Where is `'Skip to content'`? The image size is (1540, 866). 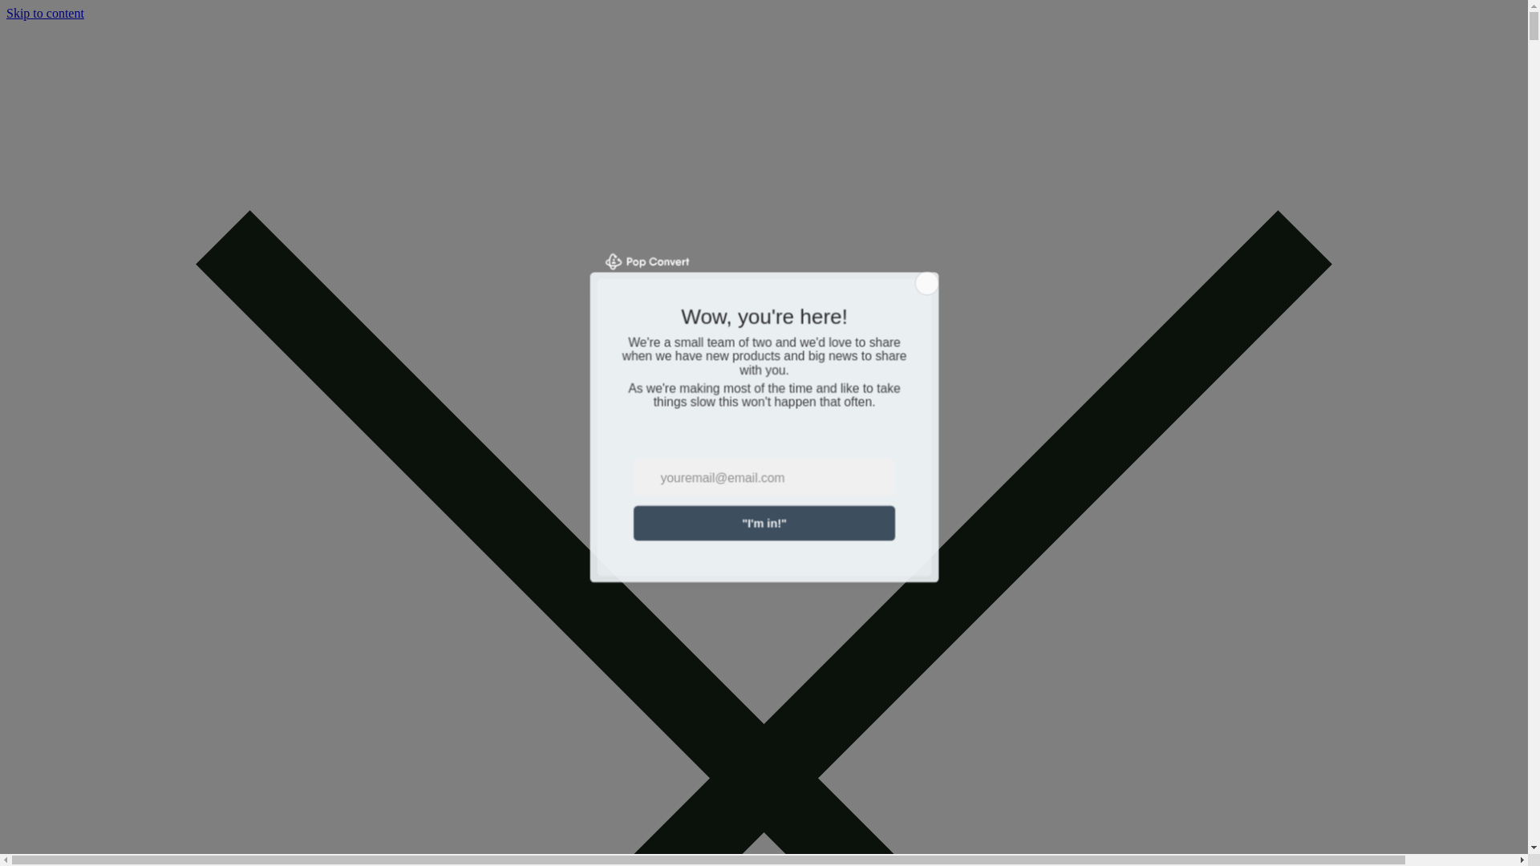
'Skip to content' is located at coordinates (45, 13).